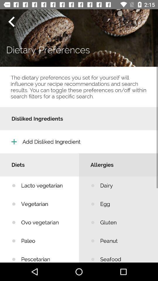 The image size is (158, 281). What do you see at coordinates (45, 241) in the screenshot?
I see `icon below the ovo vegetarian item` at bounding box center [45, 241].